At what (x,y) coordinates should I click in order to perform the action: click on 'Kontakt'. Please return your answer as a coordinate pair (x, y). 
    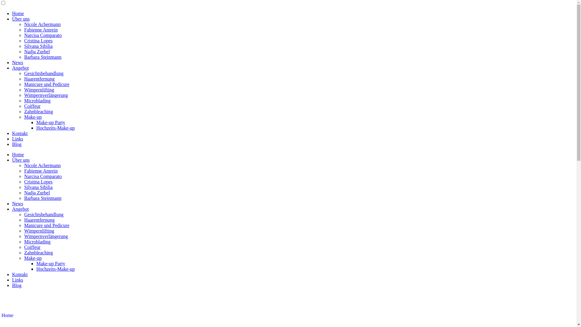
    Looking at the image, I should click on (20, 133).